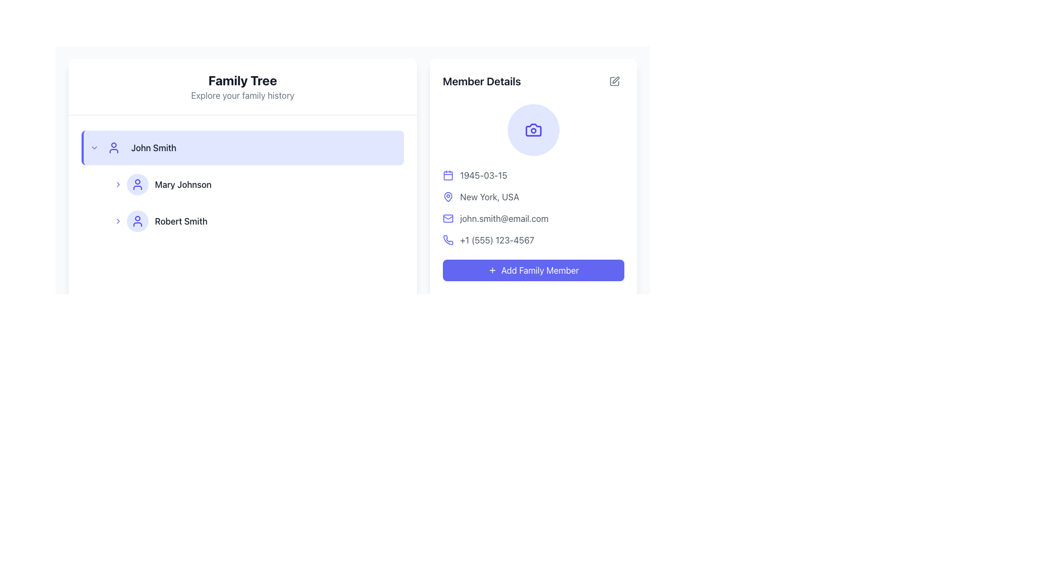 The width and height of the screenshot is (1037, 583). I want to click on the circular avatar profile icon with a light indigo background and user silhouette located in the left-side panel titled 'Family Tree' next to 'John Smith', so click(114, 147).